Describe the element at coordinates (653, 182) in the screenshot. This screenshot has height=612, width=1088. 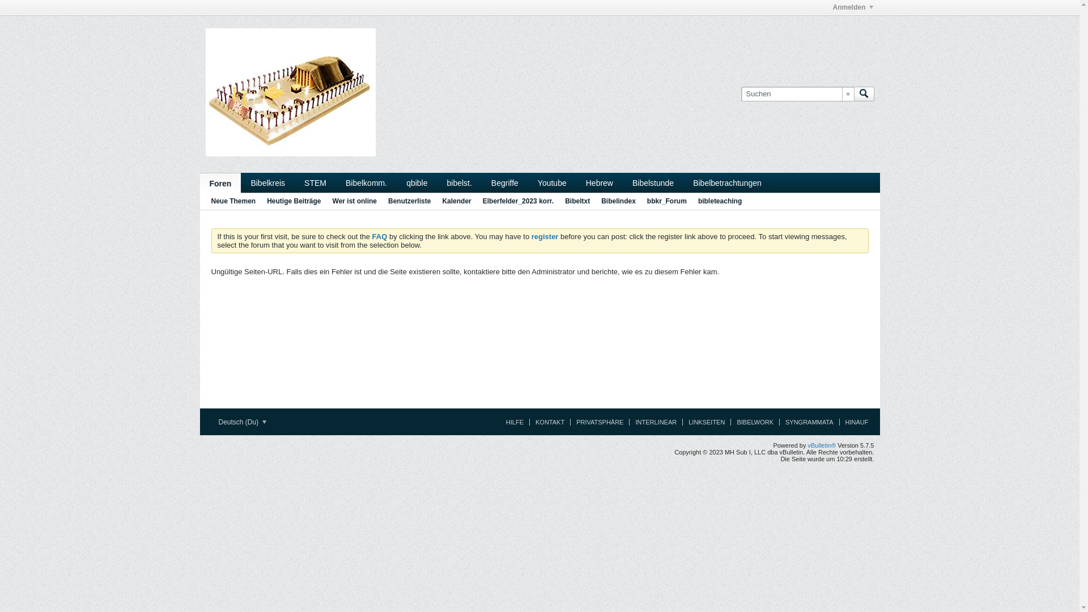
I see `'Bibelstunde'` at that location.